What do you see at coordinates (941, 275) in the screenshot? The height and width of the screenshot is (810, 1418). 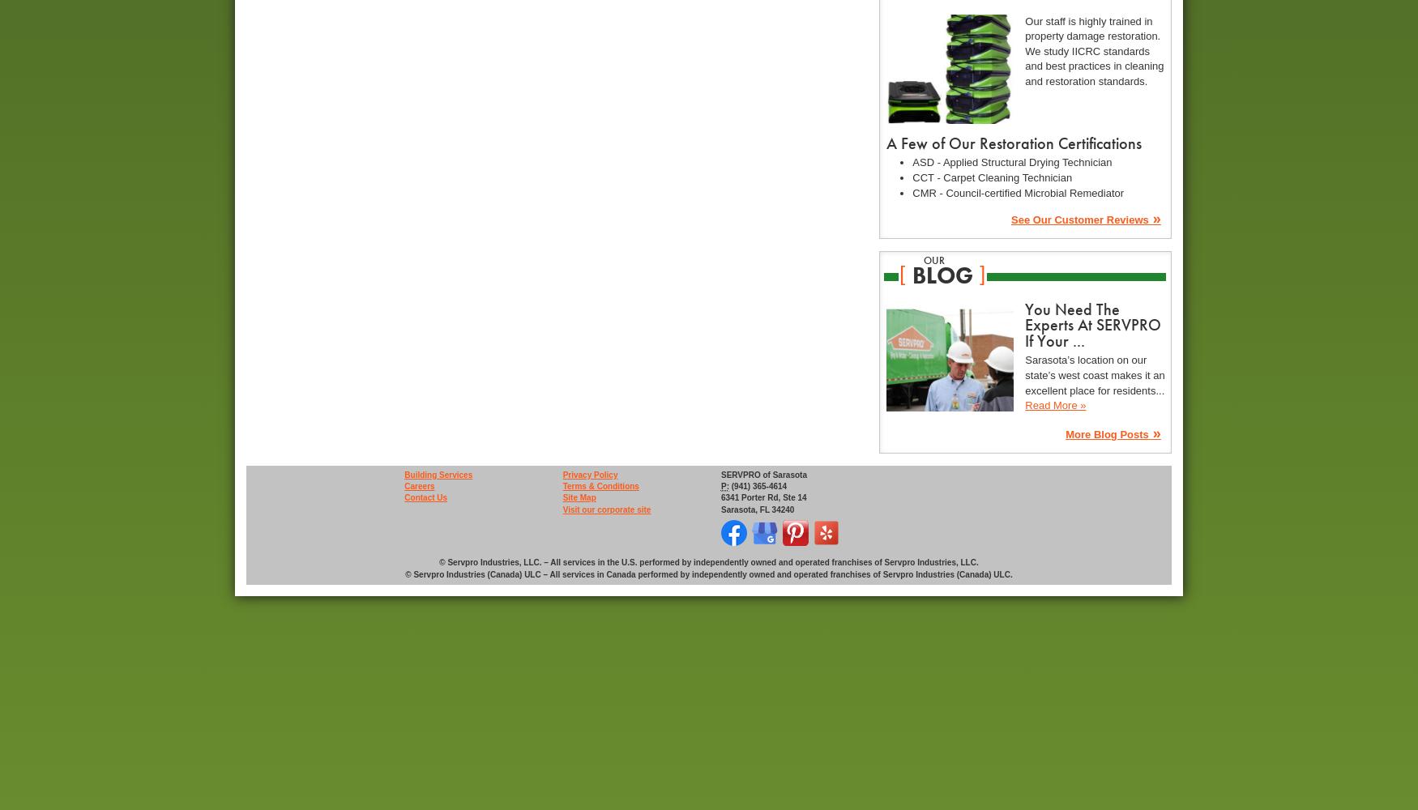 I see `'blog'` at bounding box center [941, 275].